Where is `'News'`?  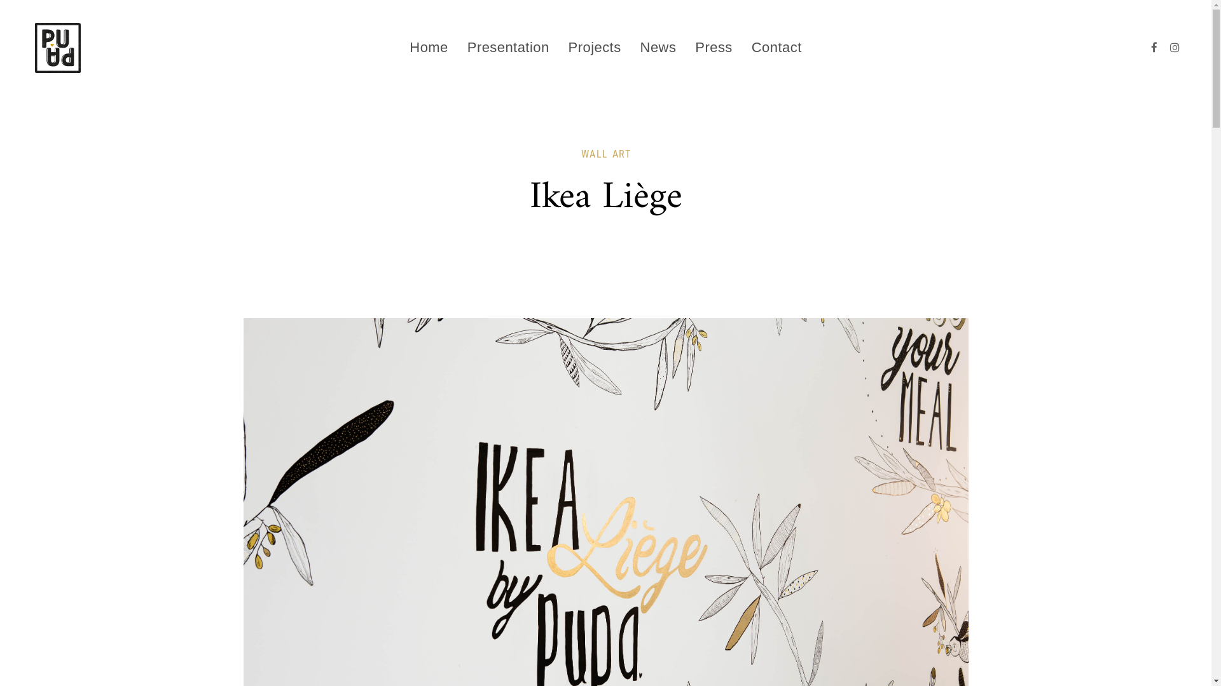
'News' is located at coordinates (658, 46).